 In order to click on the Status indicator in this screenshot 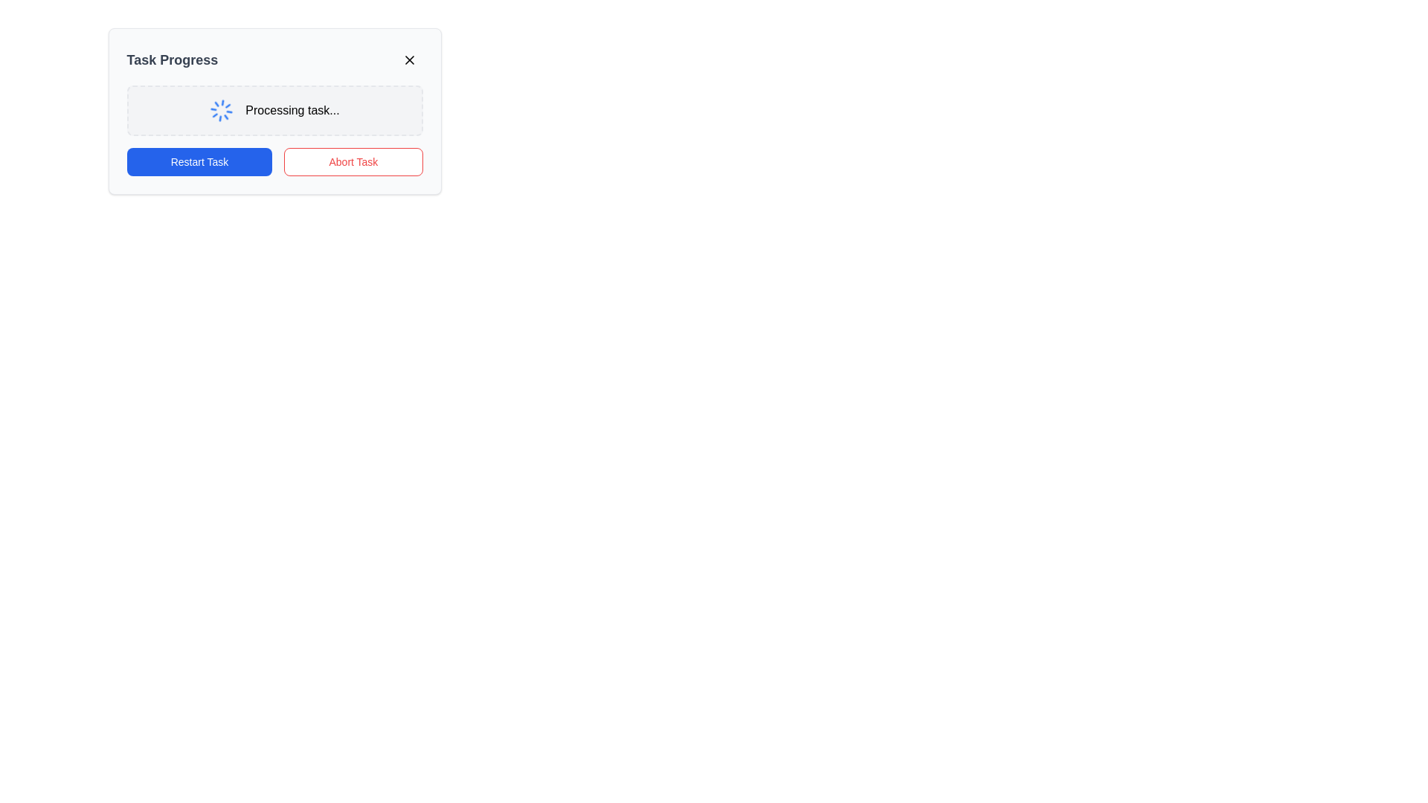, I will do `click(274, 110)`.